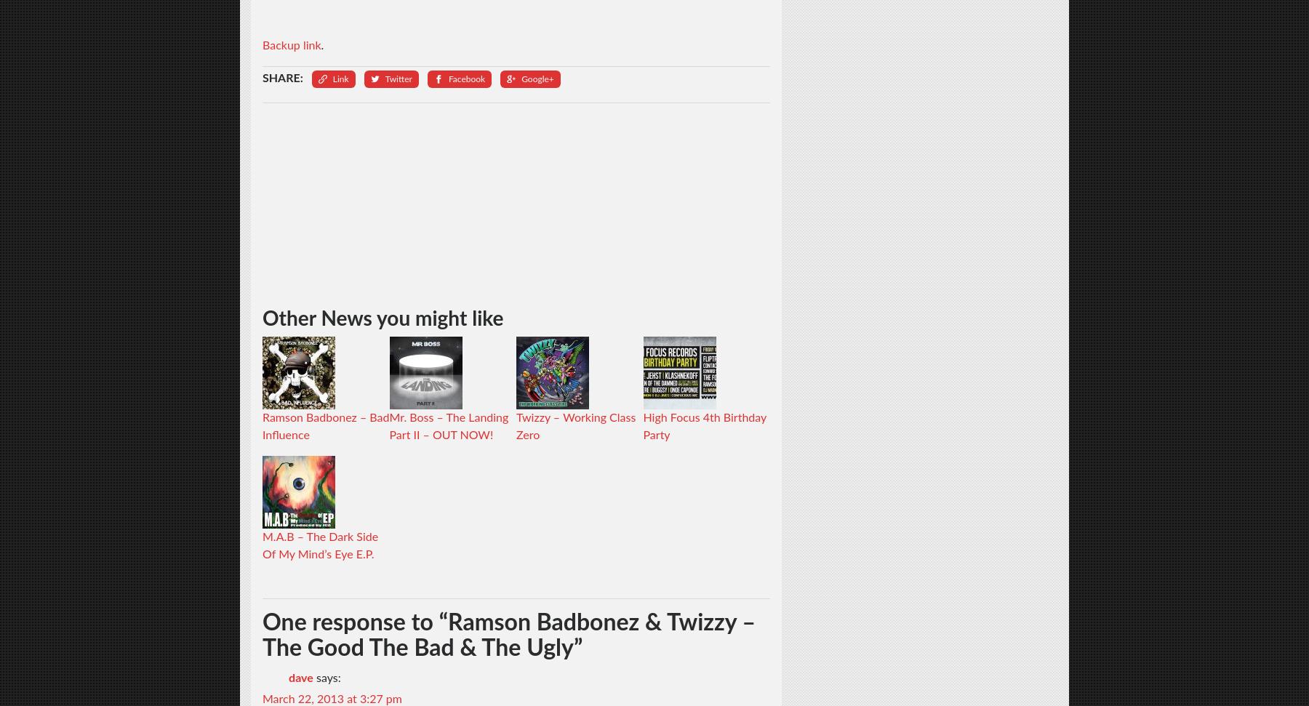  I want to click on 'Google+', so click(537, 77).